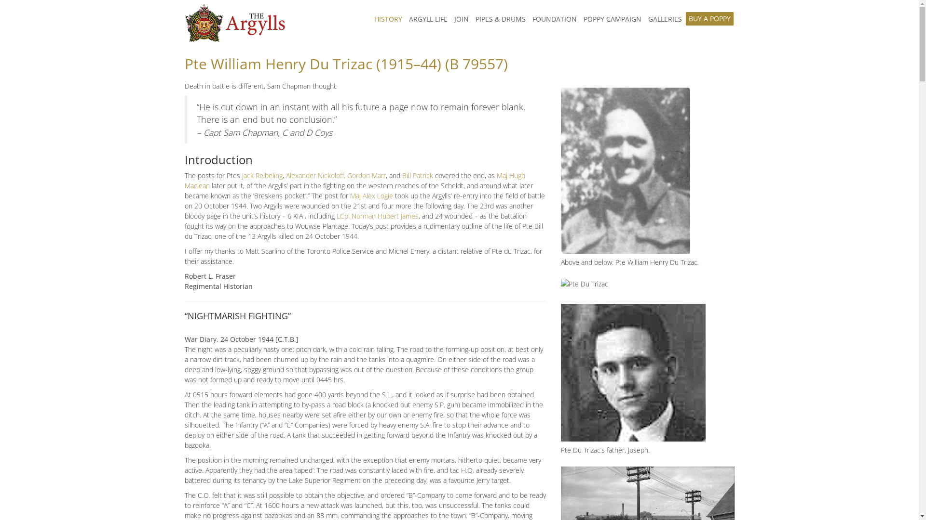 The width and height of the screenshot is (926, 520). I want to click on 'BUY A POPPY', so click(709, 19).